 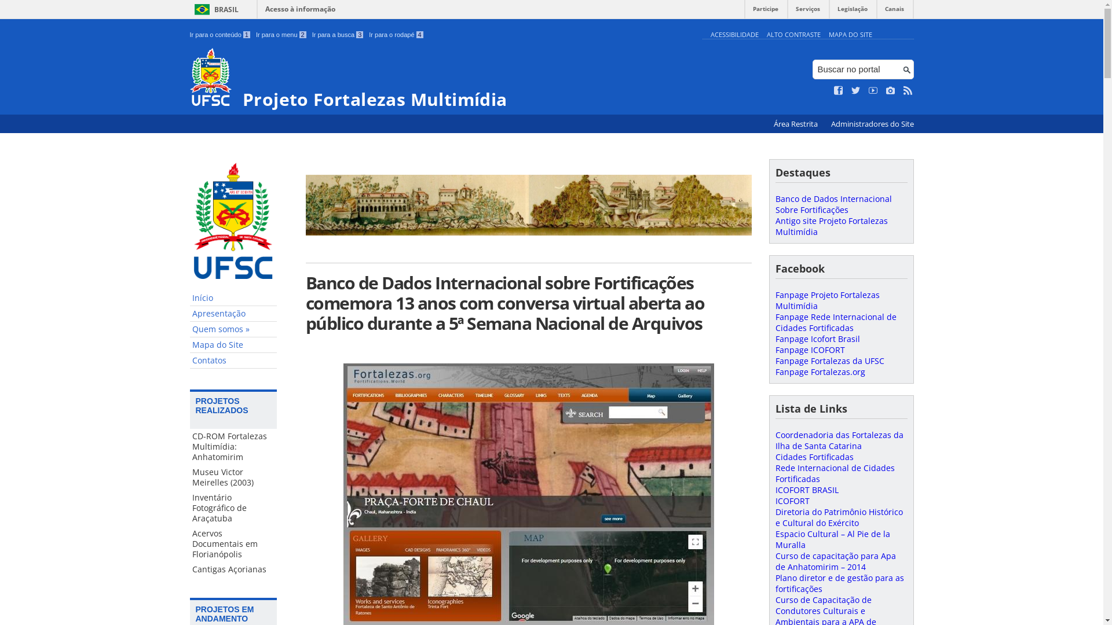 What do you see at coordinates (809, 349) in the screenshot?
I see `'Fanpage ICOFORT'` at bounding box center [809, 349].